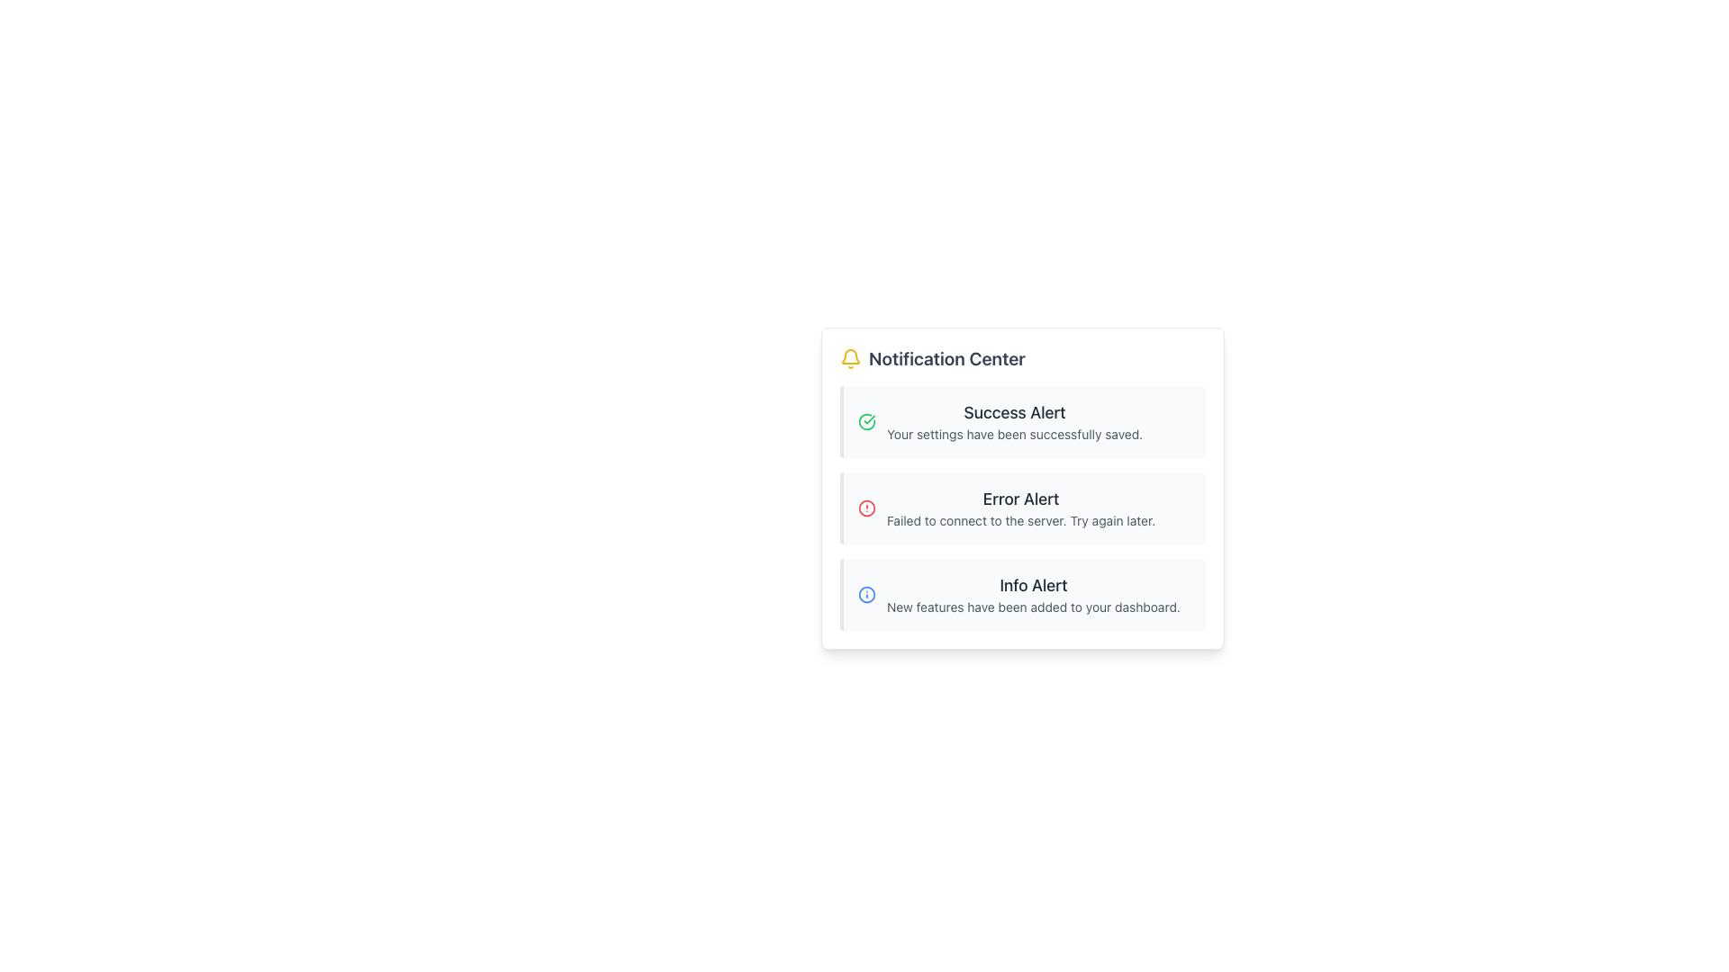 This screenshot has width=1729, height=972. I want to click on the error/warning icon located to the left of the 'Error Alert' text in the notification section, so click(867, 508).